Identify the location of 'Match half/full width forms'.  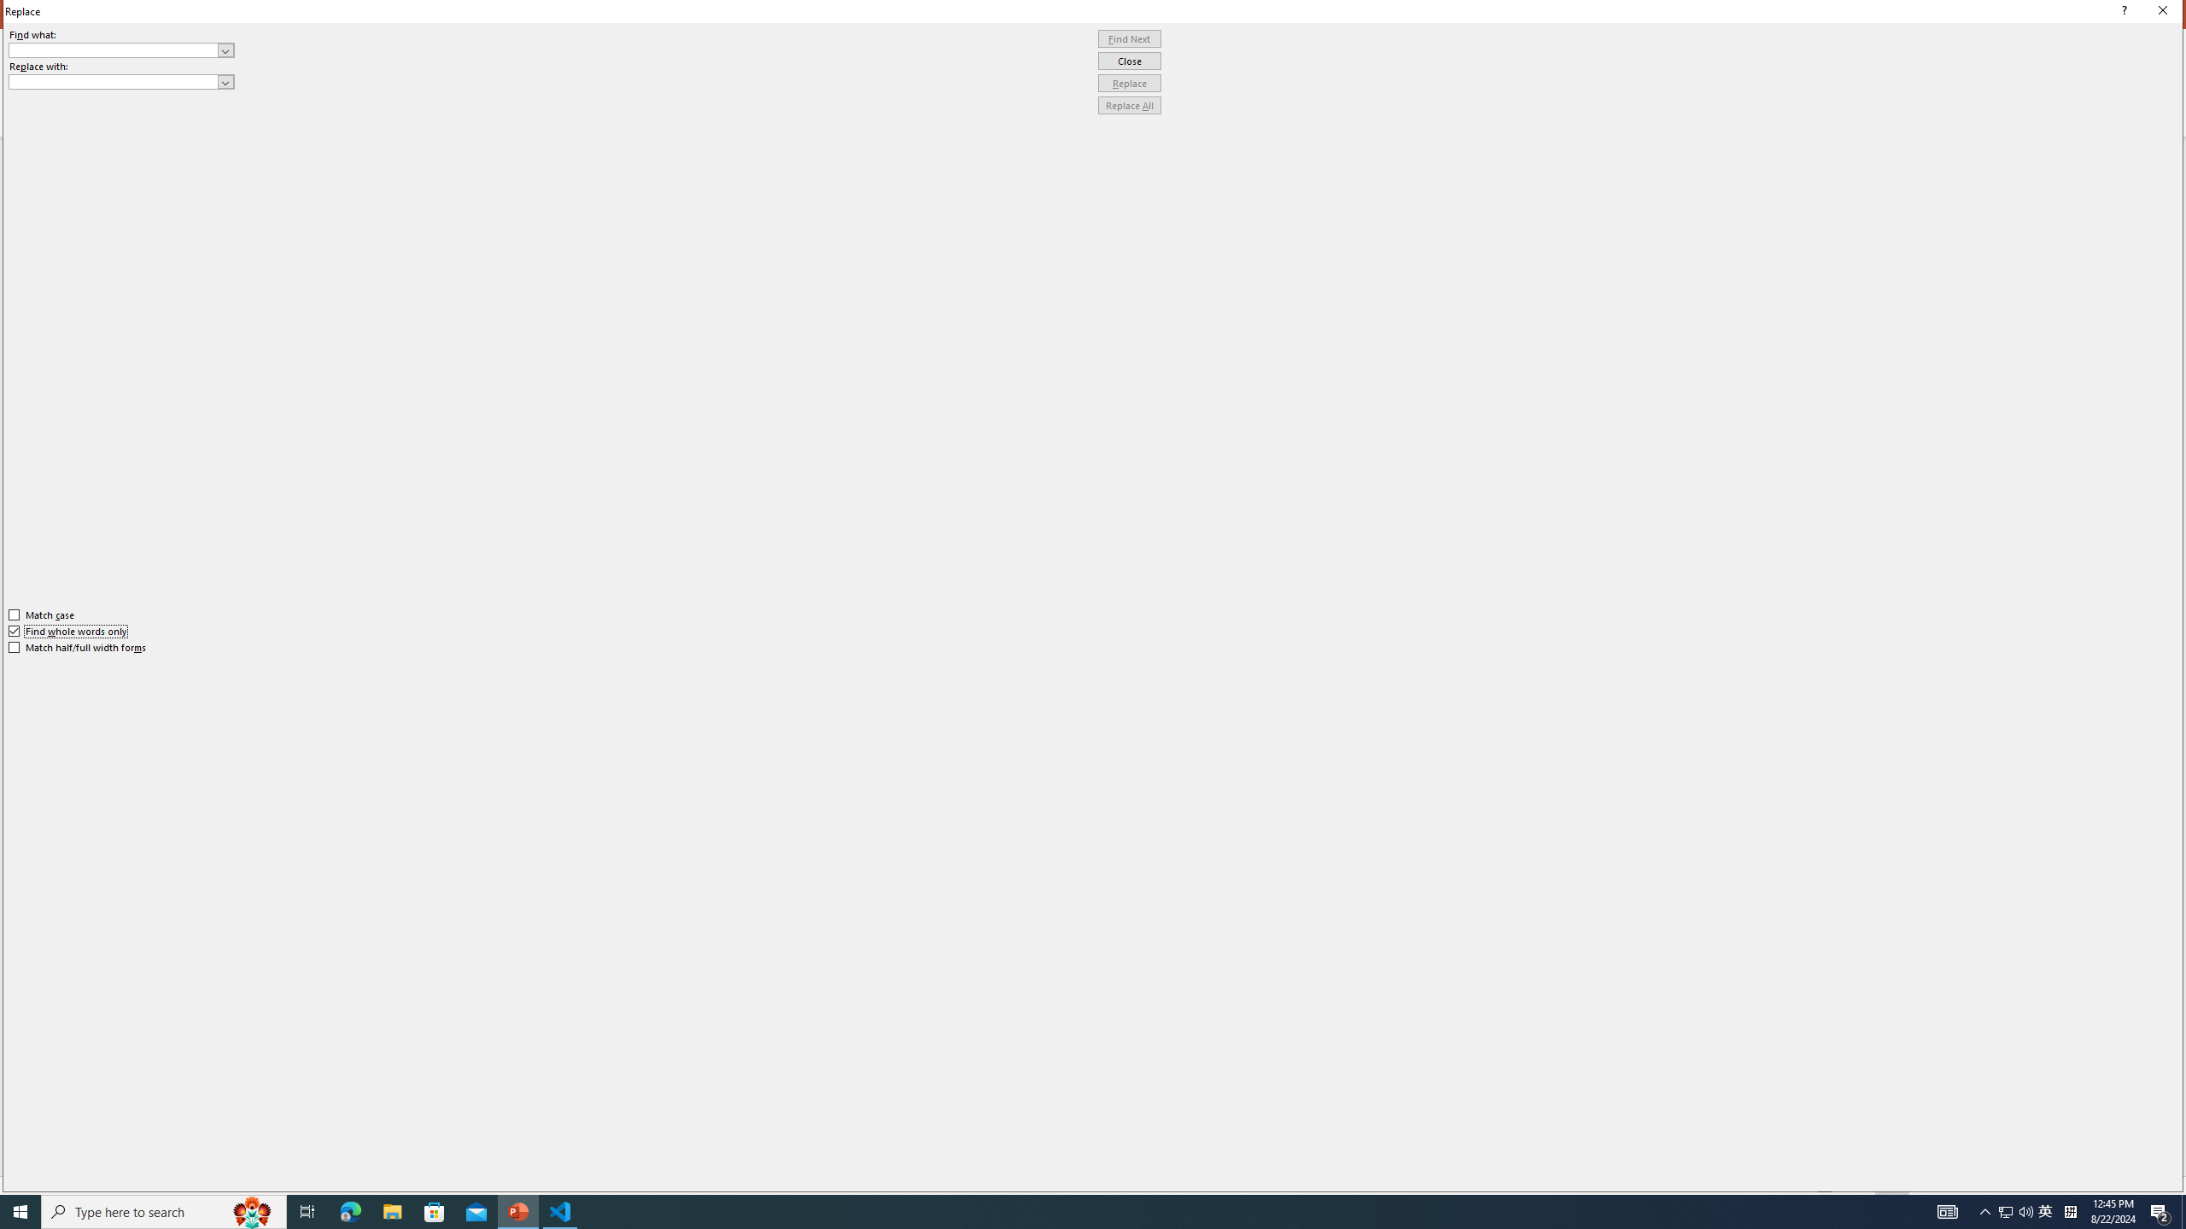
(78, 647).